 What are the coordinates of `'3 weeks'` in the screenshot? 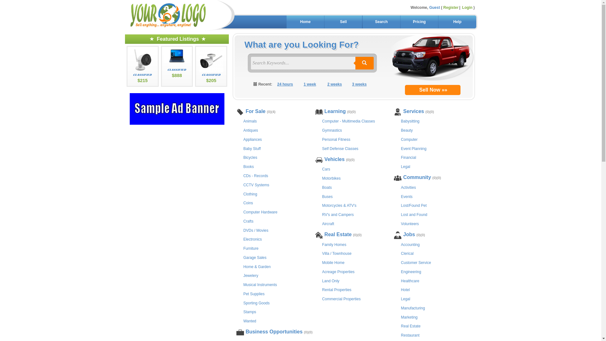 It's located at (359, 84).